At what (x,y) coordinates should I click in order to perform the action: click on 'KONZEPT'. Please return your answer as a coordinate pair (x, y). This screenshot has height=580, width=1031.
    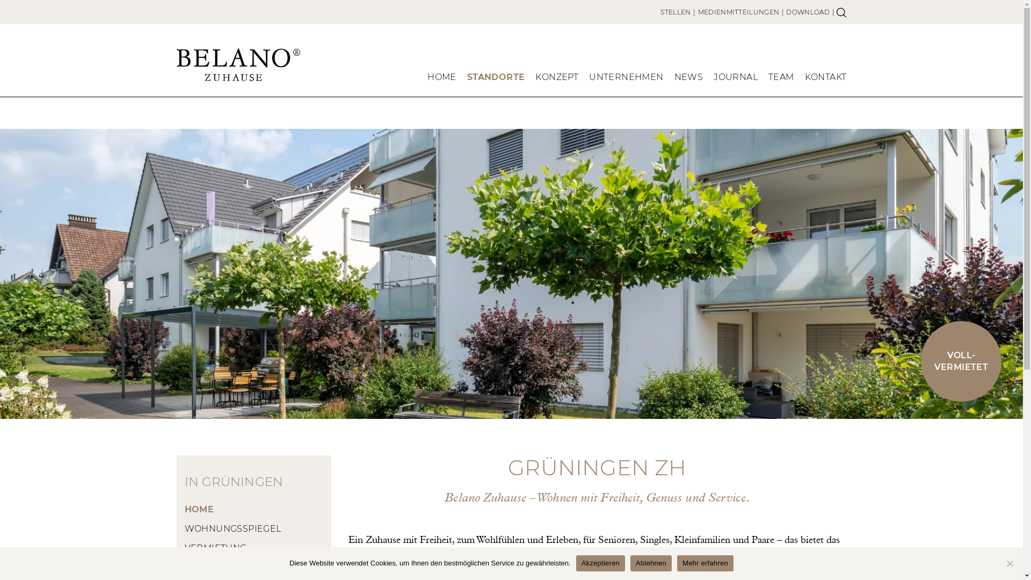
    Looking at the image, I should click on (535, 78).